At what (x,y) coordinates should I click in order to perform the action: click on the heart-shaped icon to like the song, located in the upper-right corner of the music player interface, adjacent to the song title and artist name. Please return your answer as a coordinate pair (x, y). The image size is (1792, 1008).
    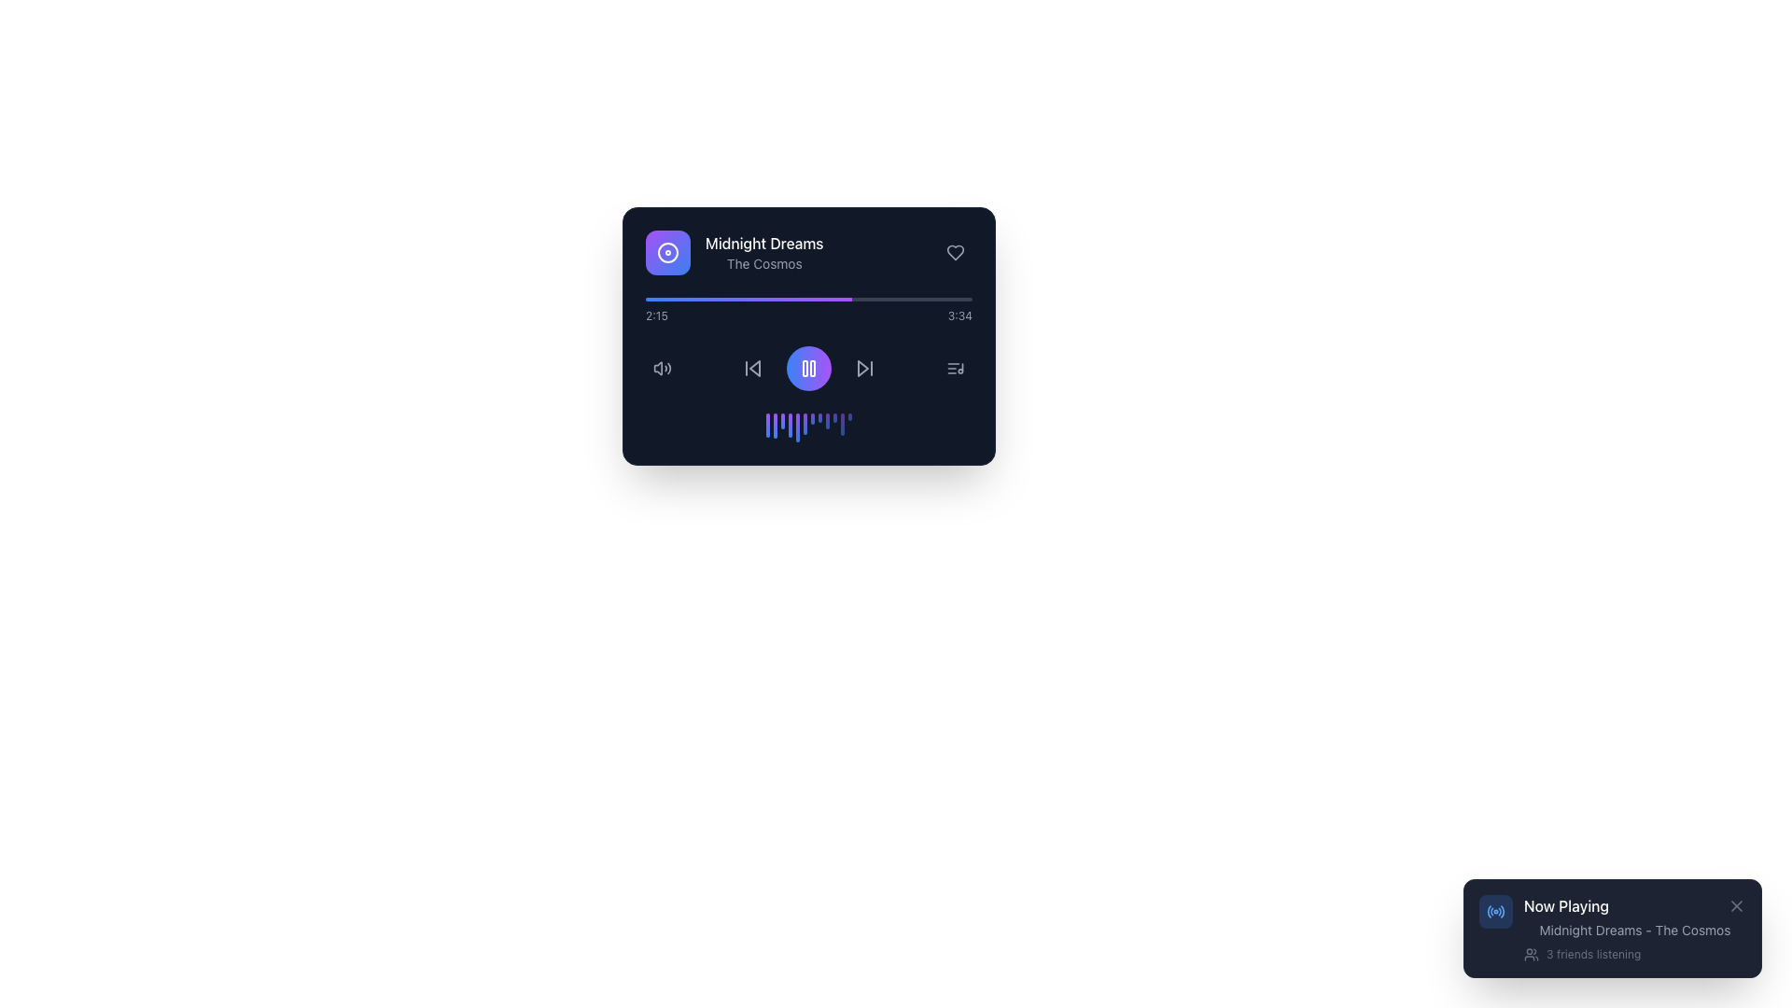
    Looking at the image, I should click on (955, 252).